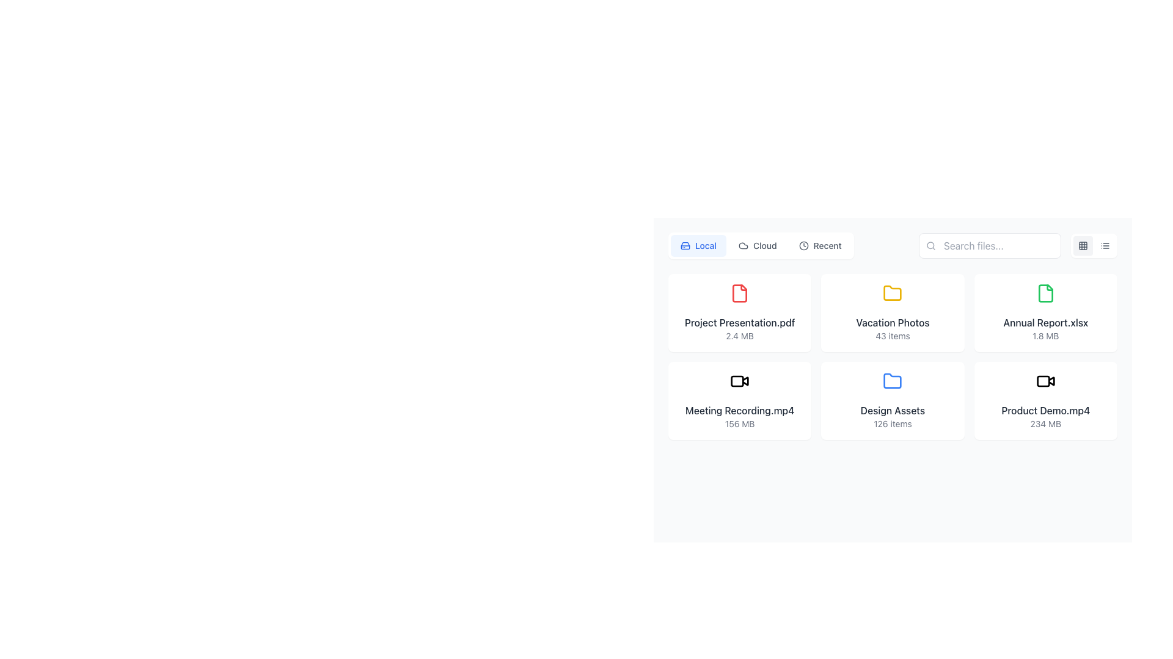 The height and width of the screenshot is (659, 1173). Describe the element at coordinates (1045, 416) in the screenshot. I see `the text label displaying file information located at the bottom-right corner of the interface` at that location.